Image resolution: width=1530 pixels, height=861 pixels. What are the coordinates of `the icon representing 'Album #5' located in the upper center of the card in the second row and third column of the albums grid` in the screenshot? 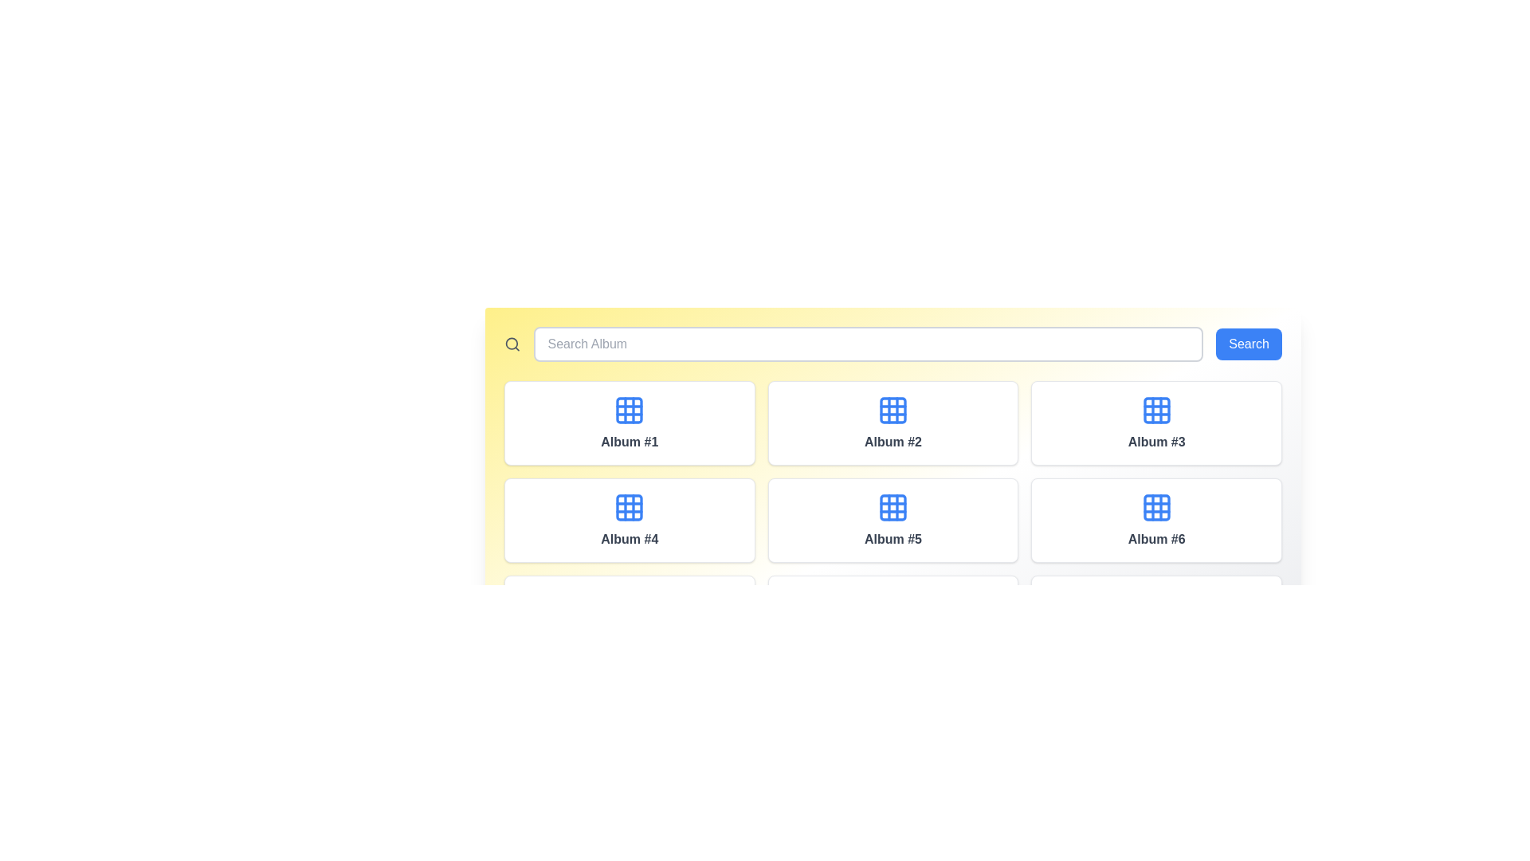 It's located at (892, 507).